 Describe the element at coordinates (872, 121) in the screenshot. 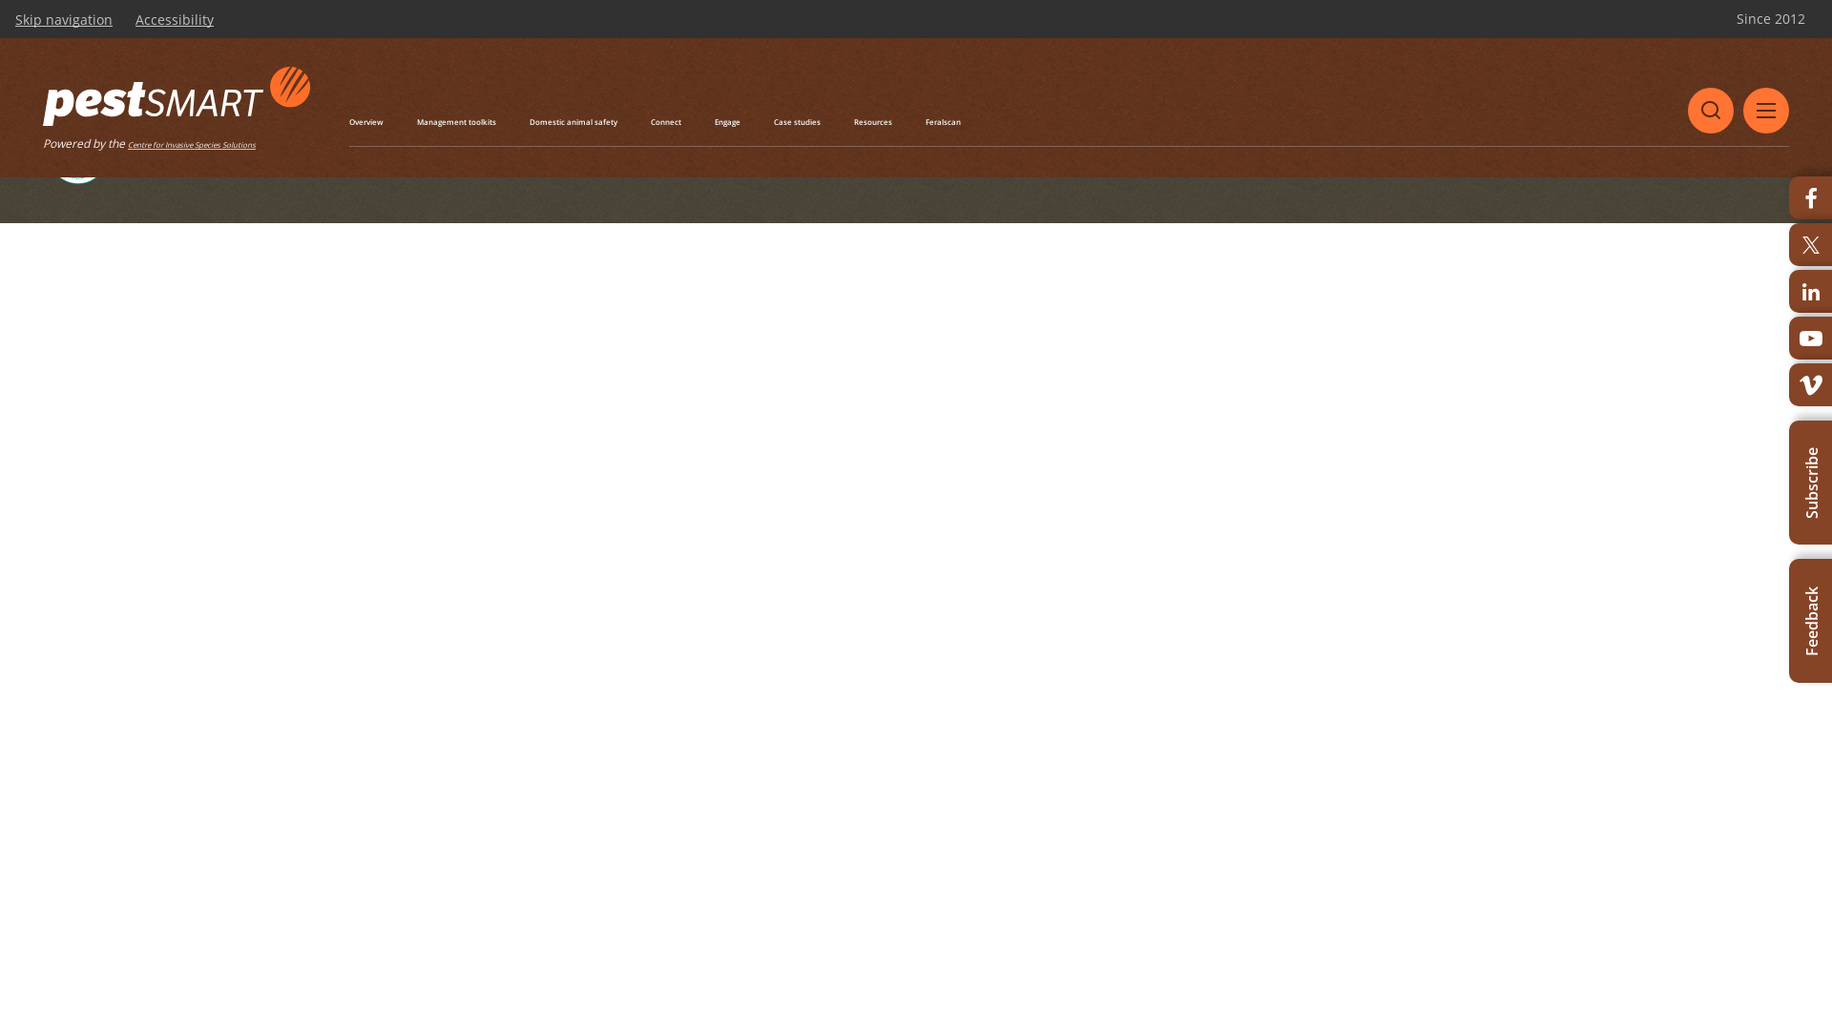

I see `'Resources'` at that location.